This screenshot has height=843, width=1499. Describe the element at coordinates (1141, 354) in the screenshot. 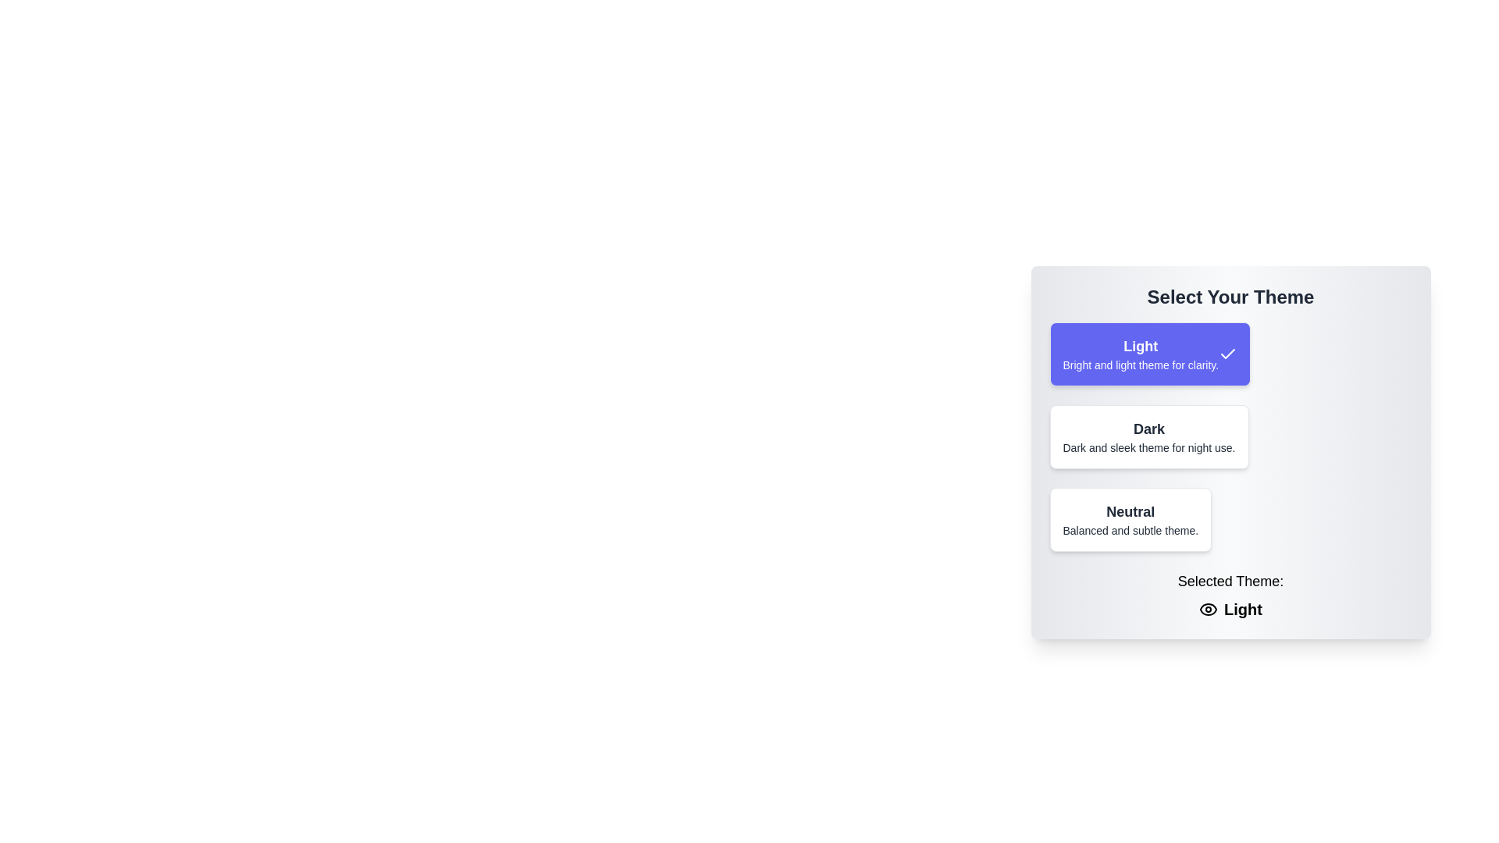

I see `the non-interactive text block displaying 'Light' which is the first option in the list of theme options` at that location.